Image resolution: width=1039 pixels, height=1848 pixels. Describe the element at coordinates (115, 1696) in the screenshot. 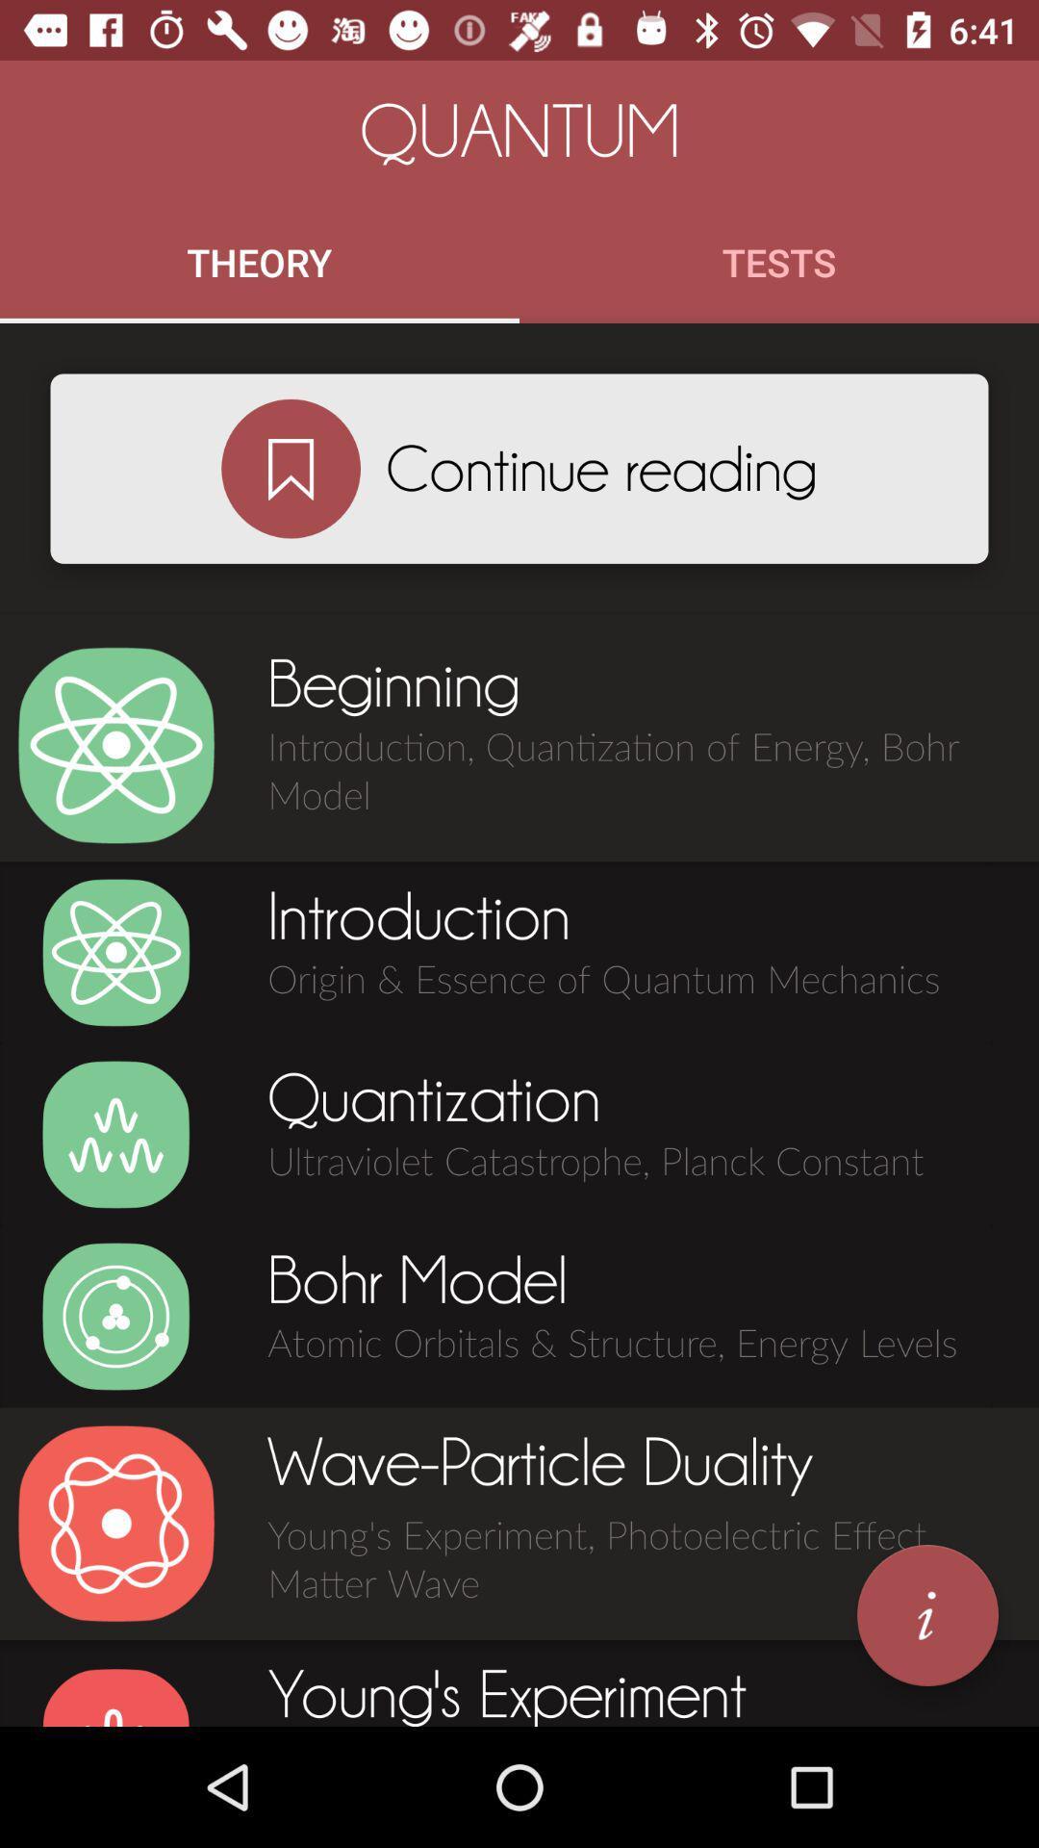

I see `click for young 's experiment` at that location.